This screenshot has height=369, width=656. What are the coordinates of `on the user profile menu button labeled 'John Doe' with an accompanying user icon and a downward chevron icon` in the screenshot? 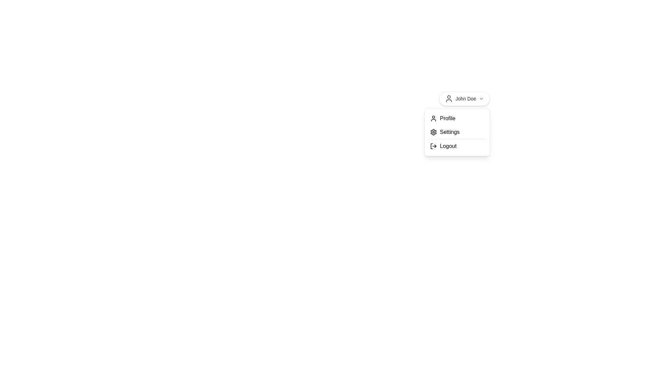 It's located at (464, 99).